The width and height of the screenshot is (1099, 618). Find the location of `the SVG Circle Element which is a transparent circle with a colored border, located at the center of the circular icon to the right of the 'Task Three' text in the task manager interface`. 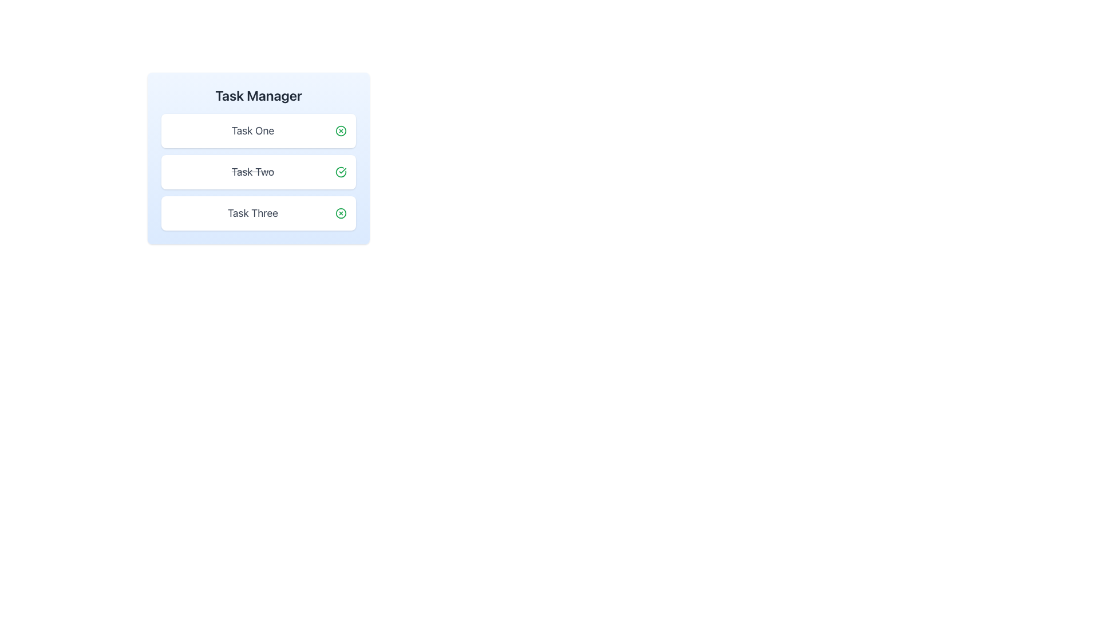

the SVG Circle Element which is a transparent circle with a colored border, located at the center of the circular icon to the right of the 'Task Three' text in the task manager interface is located at coordinates (340, 213).